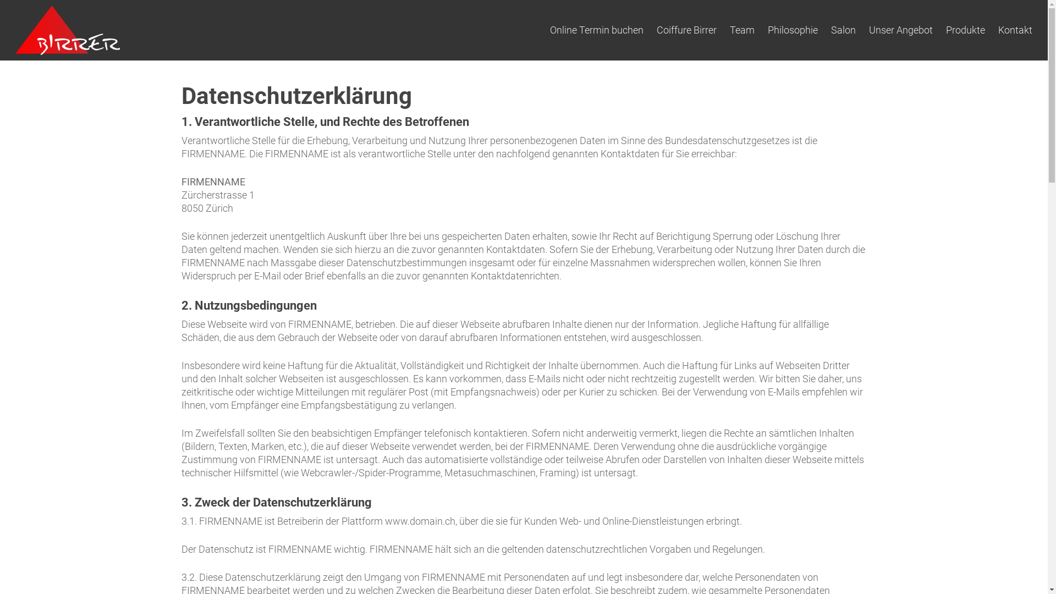 This screenshot has width=1056, height=594. Describe the element at coordinates (657, 29) in the screenshot. I see `'Coiffure Birrer'` at that location.